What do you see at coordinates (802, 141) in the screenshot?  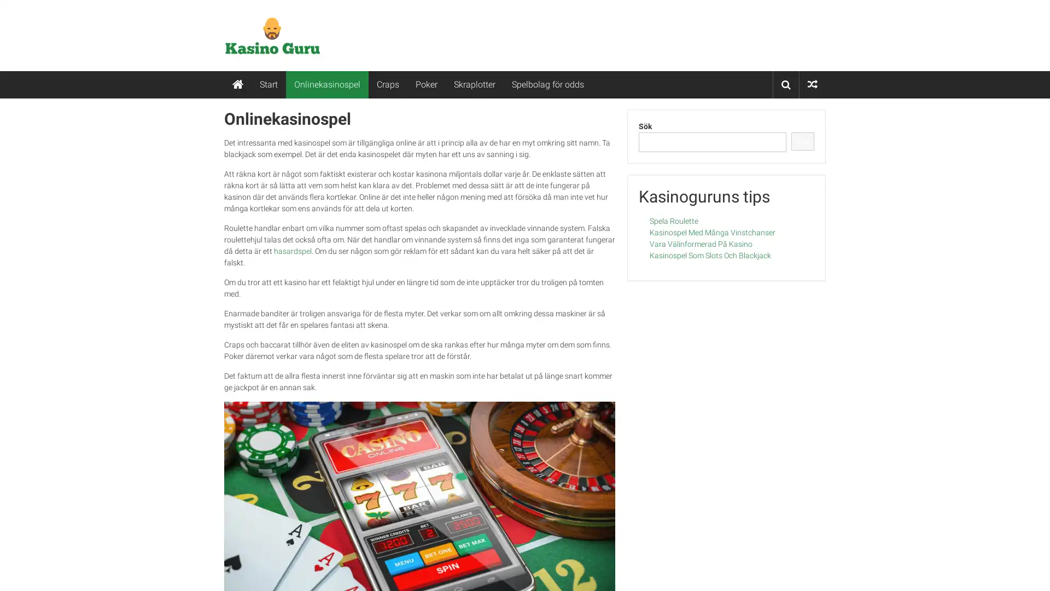 I see `Sok` at bounding box center [802, 141].